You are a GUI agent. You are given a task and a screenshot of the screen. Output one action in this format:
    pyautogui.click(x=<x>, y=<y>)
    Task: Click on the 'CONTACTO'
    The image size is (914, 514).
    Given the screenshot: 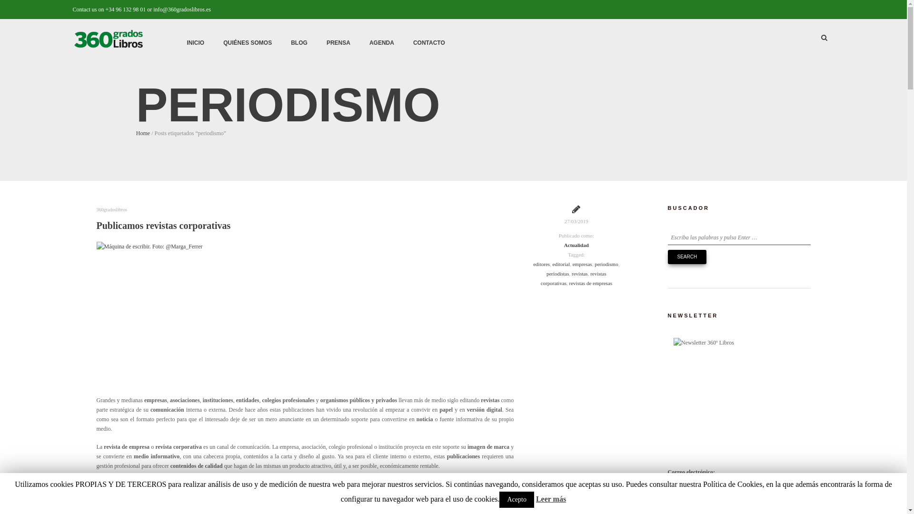 What is the action you would take?
    pyautogui.click(x=428, y=42)
    